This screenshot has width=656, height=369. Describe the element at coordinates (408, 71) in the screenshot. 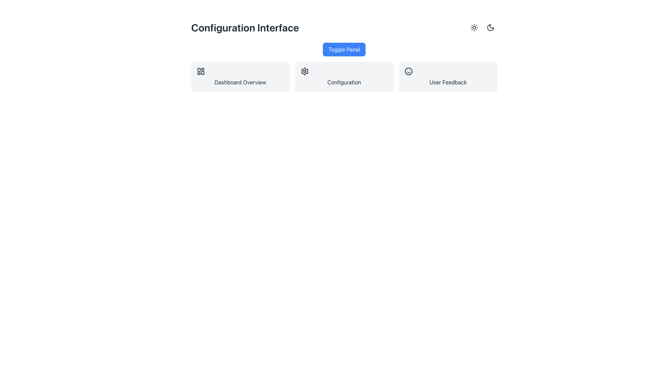

I see `the User Feedback icon which represents positive feedback or user satisfaction located in the User Feedback section on the right of the interface` at that location.